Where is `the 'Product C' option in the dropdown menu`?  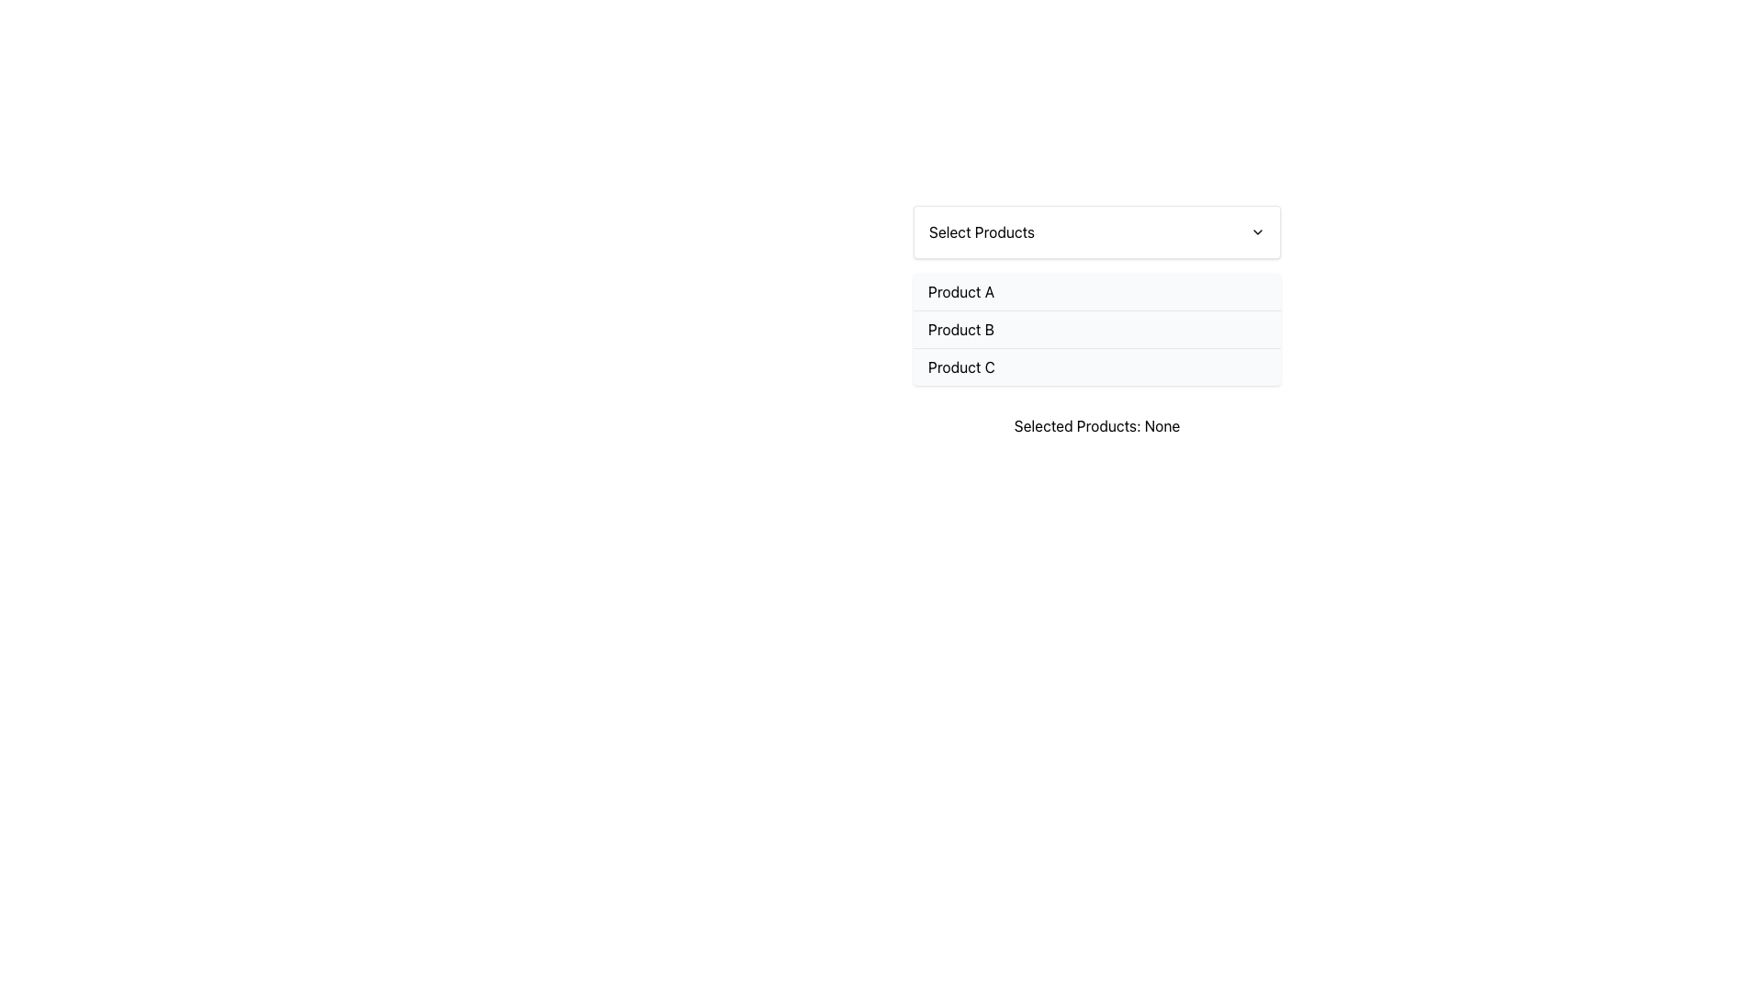
the 'Product C' option in the dropdown menu is located at coordinates (1097, 366).